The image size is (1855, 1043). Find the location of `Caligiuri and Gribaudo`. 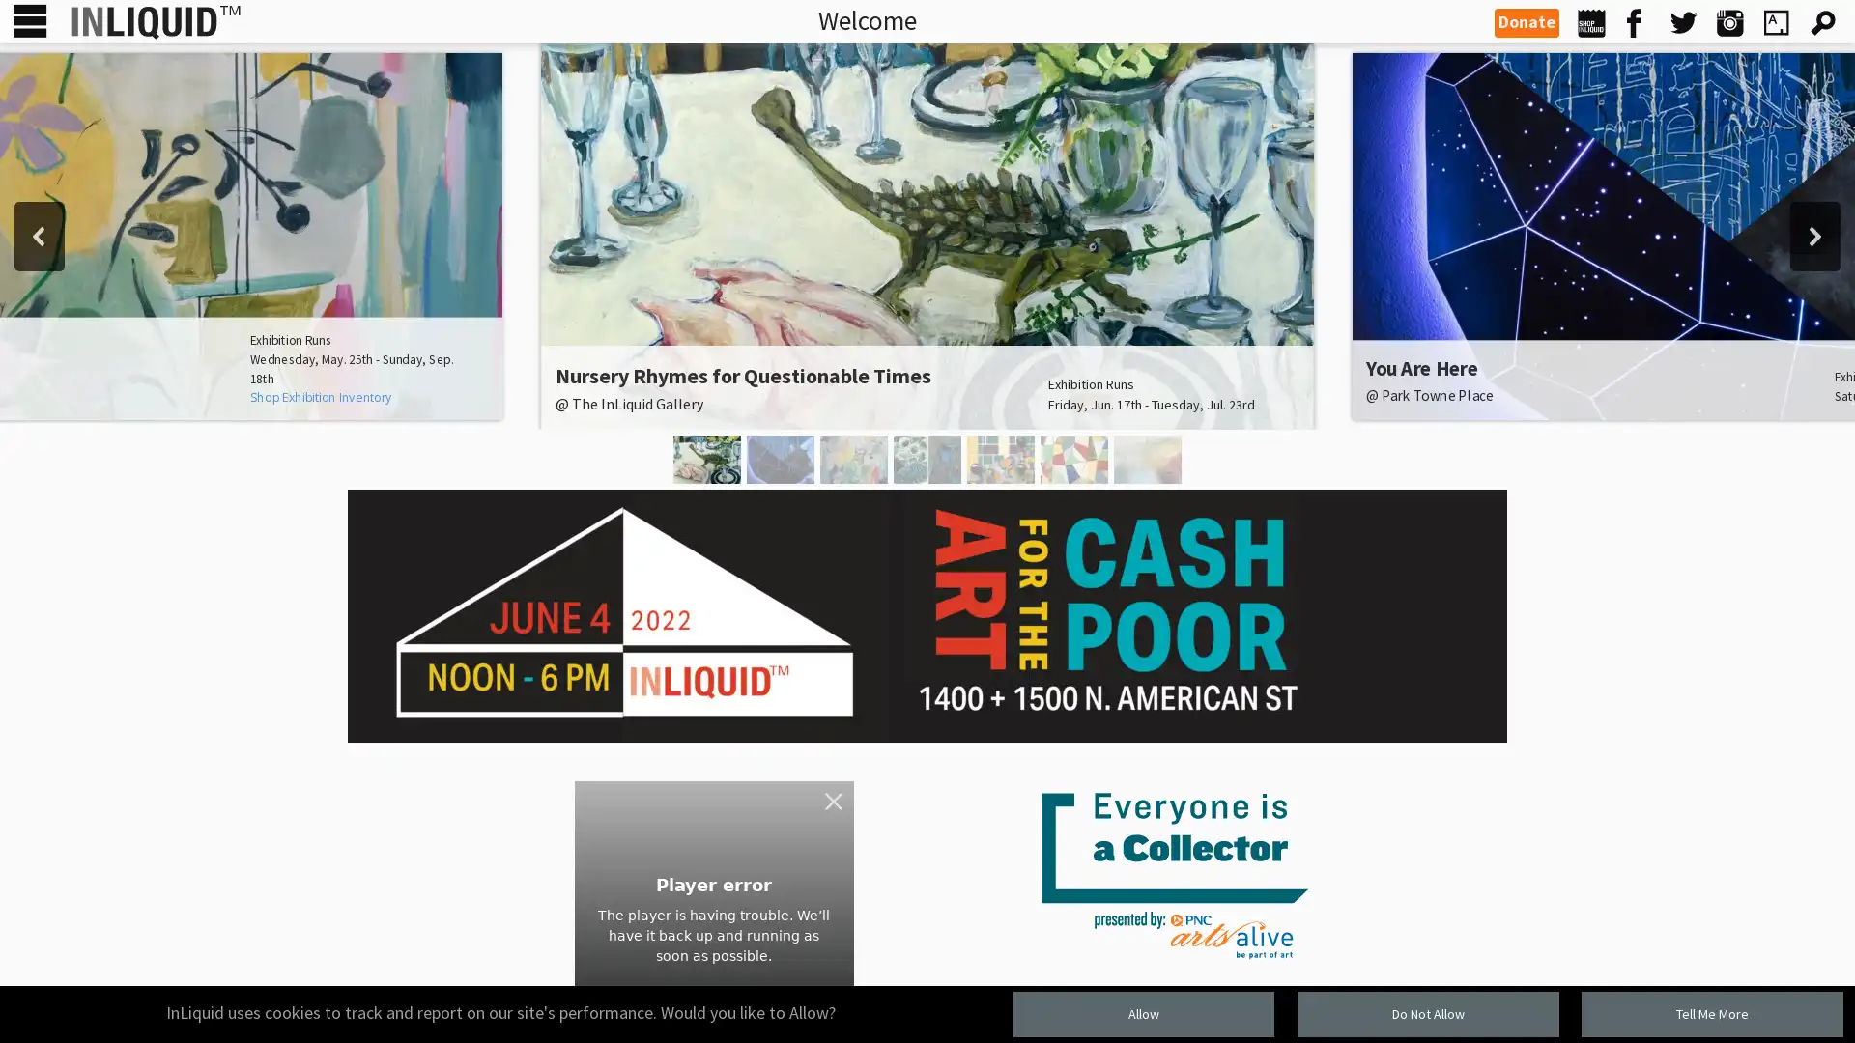

Caligiuri and Gribaudo is located at coordinates (1073, 459).